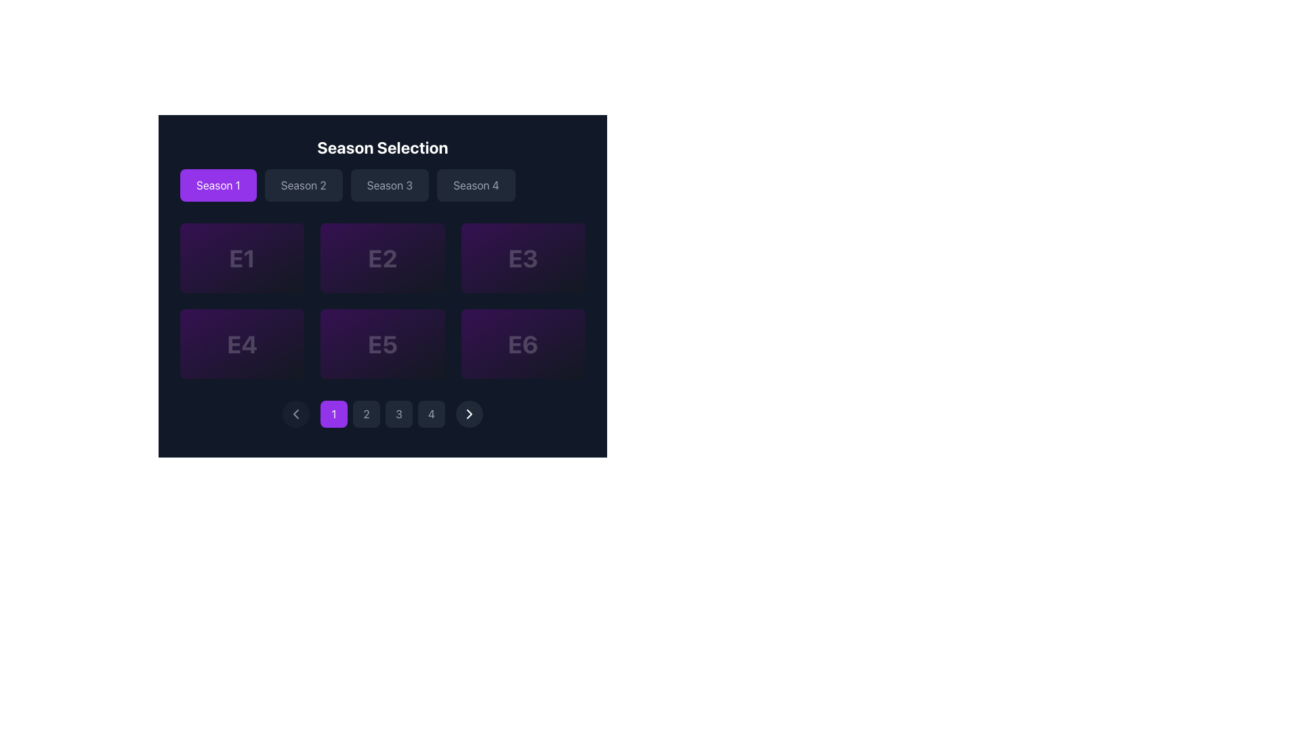 The image size is (1301, 731). What do you see at coordinates (522, 258) in the screenshot?
I see `the static label indicating the third episode in the media library` at bounding box center [522, 258].